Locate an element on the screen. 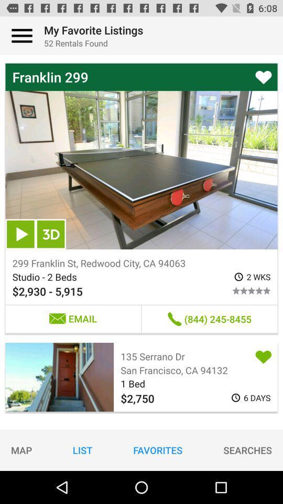 The image size is (283, 504). press for main menu options is located at coordinates (22, 36).